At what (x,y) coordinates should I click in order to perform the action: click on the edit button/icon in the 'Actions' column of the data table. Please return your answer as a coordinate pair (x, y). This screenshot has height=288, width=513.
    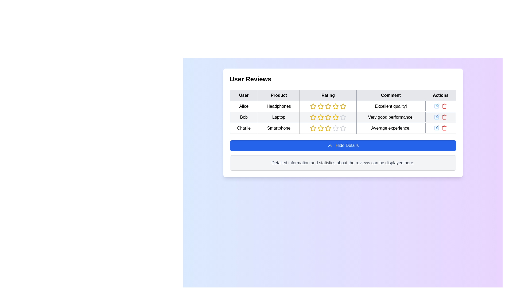
    Looking at the image, I should click on (437, 105).